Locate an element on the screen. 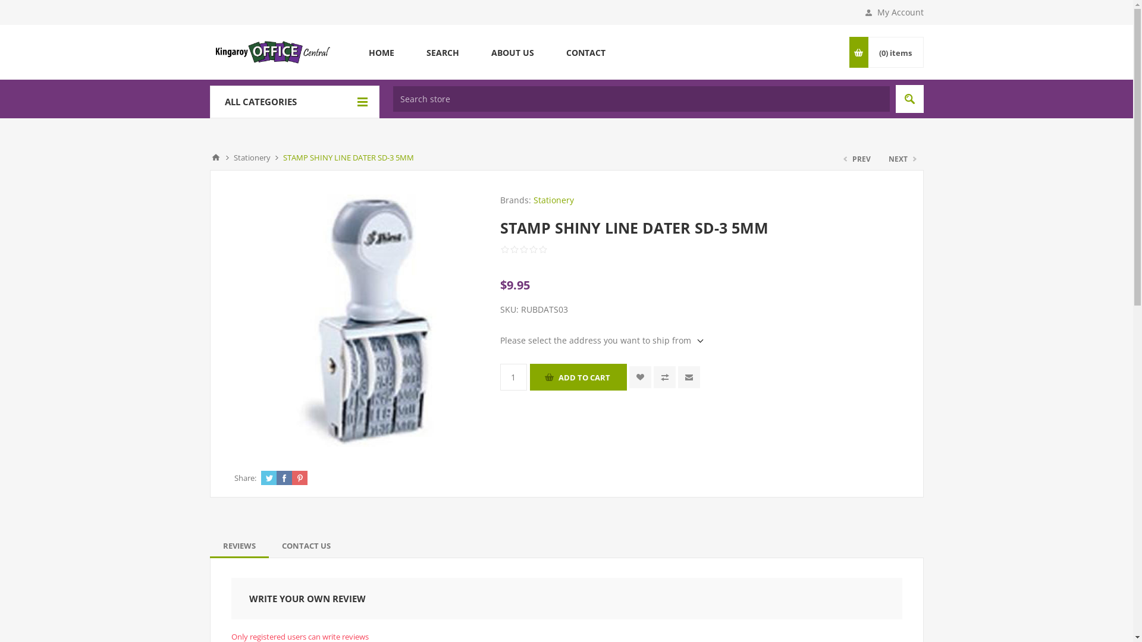 The width and height of the screenshot is (1142, 642). '(0) items' is located at coordinates (895, 52).